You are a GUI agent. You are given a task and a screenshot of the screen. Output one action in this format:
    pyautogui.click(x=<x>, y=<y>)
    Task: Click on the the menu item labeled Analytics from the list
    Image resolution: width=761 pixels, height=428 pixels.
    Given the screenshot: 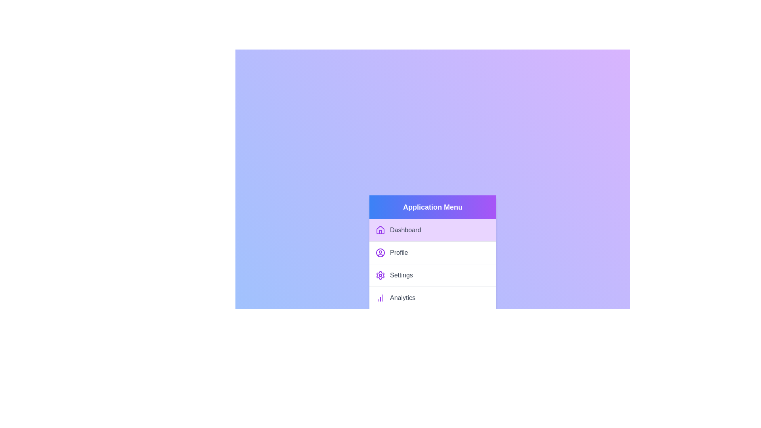 What is the action you would take?
    pyautogui.click(x=432, y=298)
    